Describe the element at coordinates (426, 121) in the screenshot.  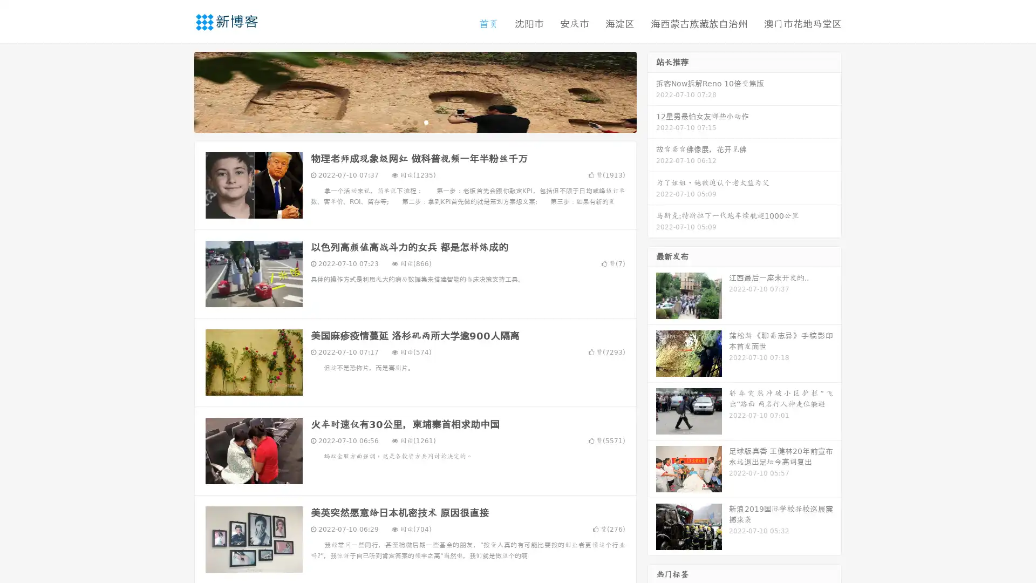
I see `Go to slide 3` at that location.